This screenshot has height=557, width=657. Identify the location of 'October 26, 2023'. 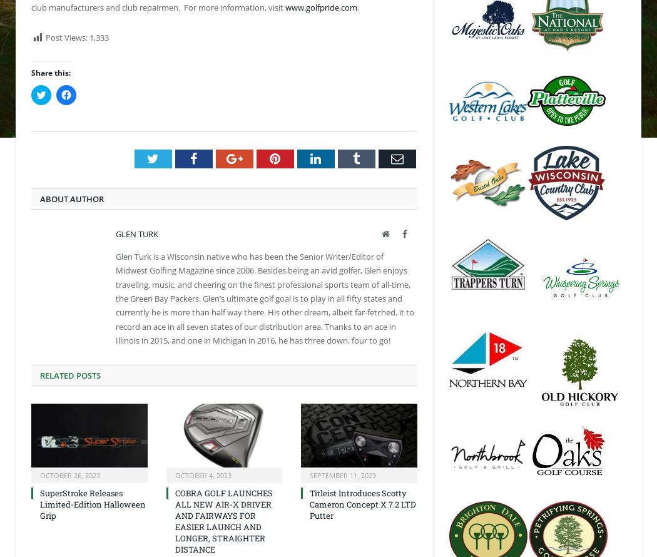
(70, 474).